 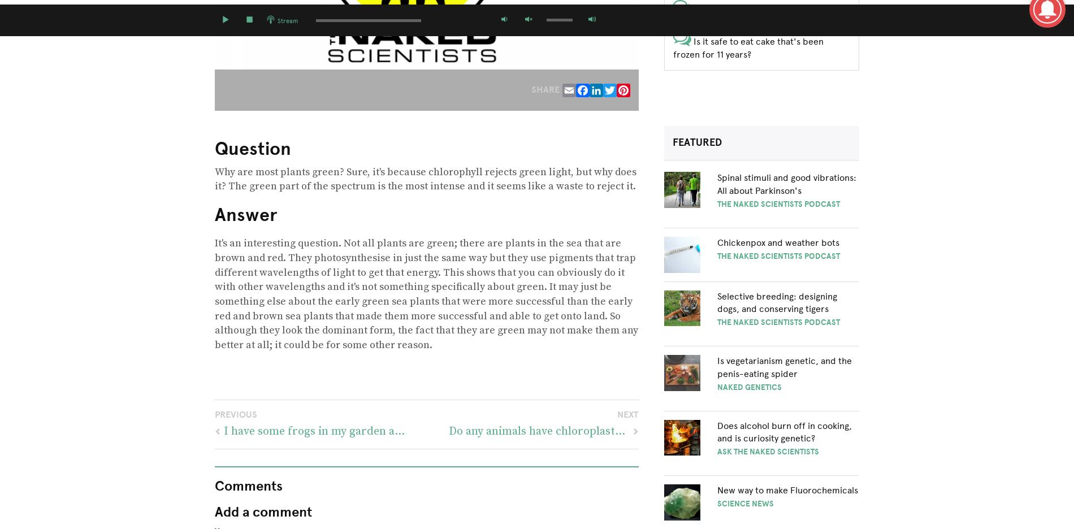 What do you see at coordinates (716, 451) in the screenshot?
I see `'Ask The Naked Scientists'` at bounding box center [716, 451].